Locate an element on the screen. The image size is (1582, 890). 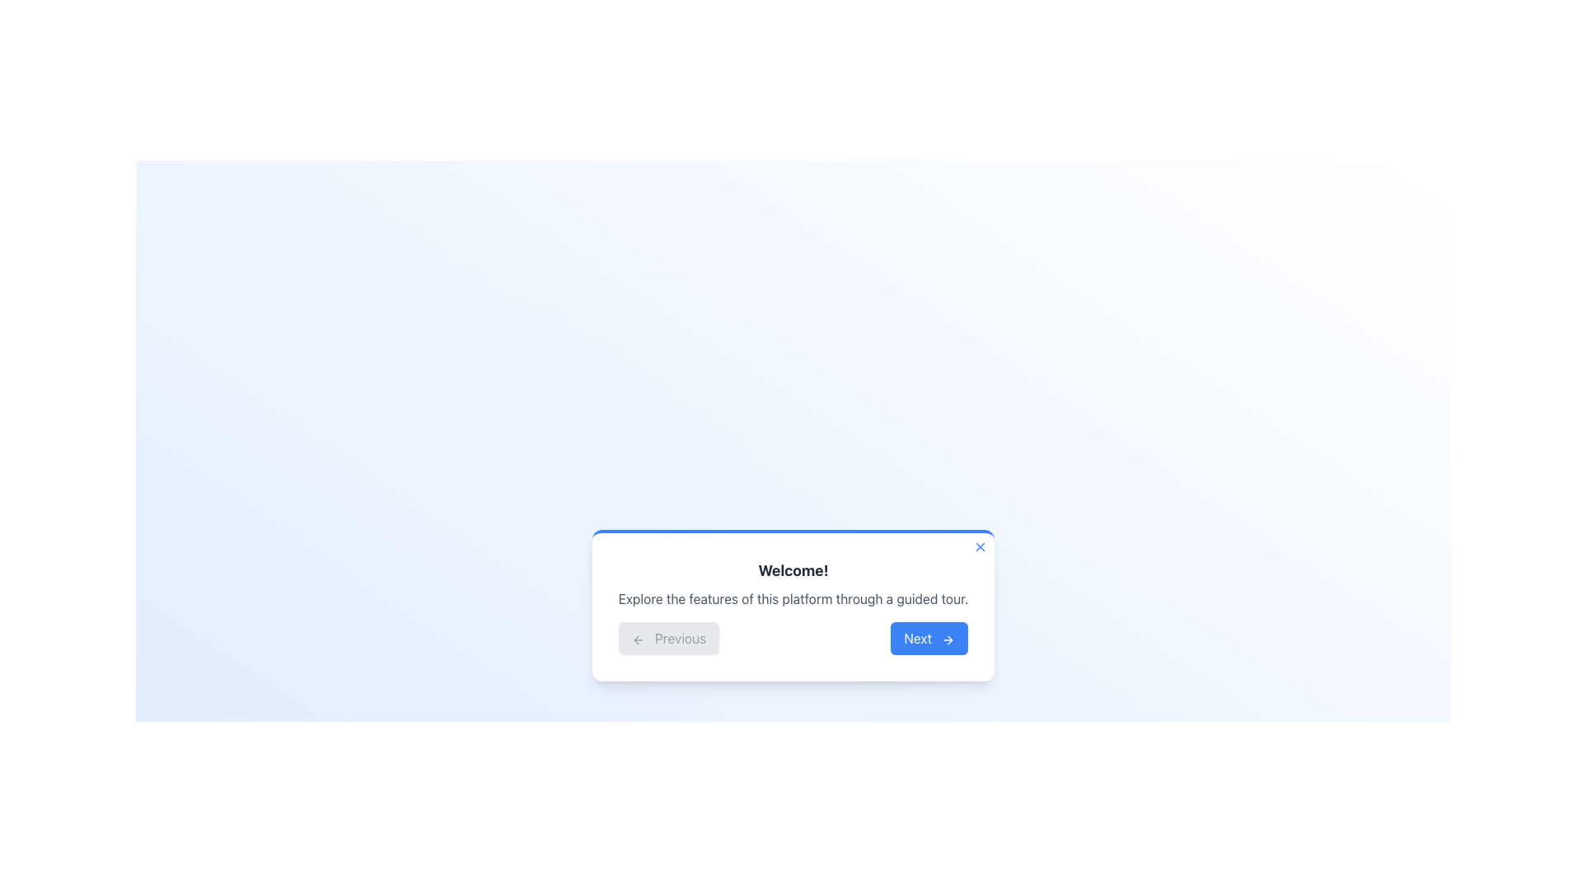
the close button located at the top-right of the modal dialog that contains the text 'Welcome!' is located at coordinates (981, 546).